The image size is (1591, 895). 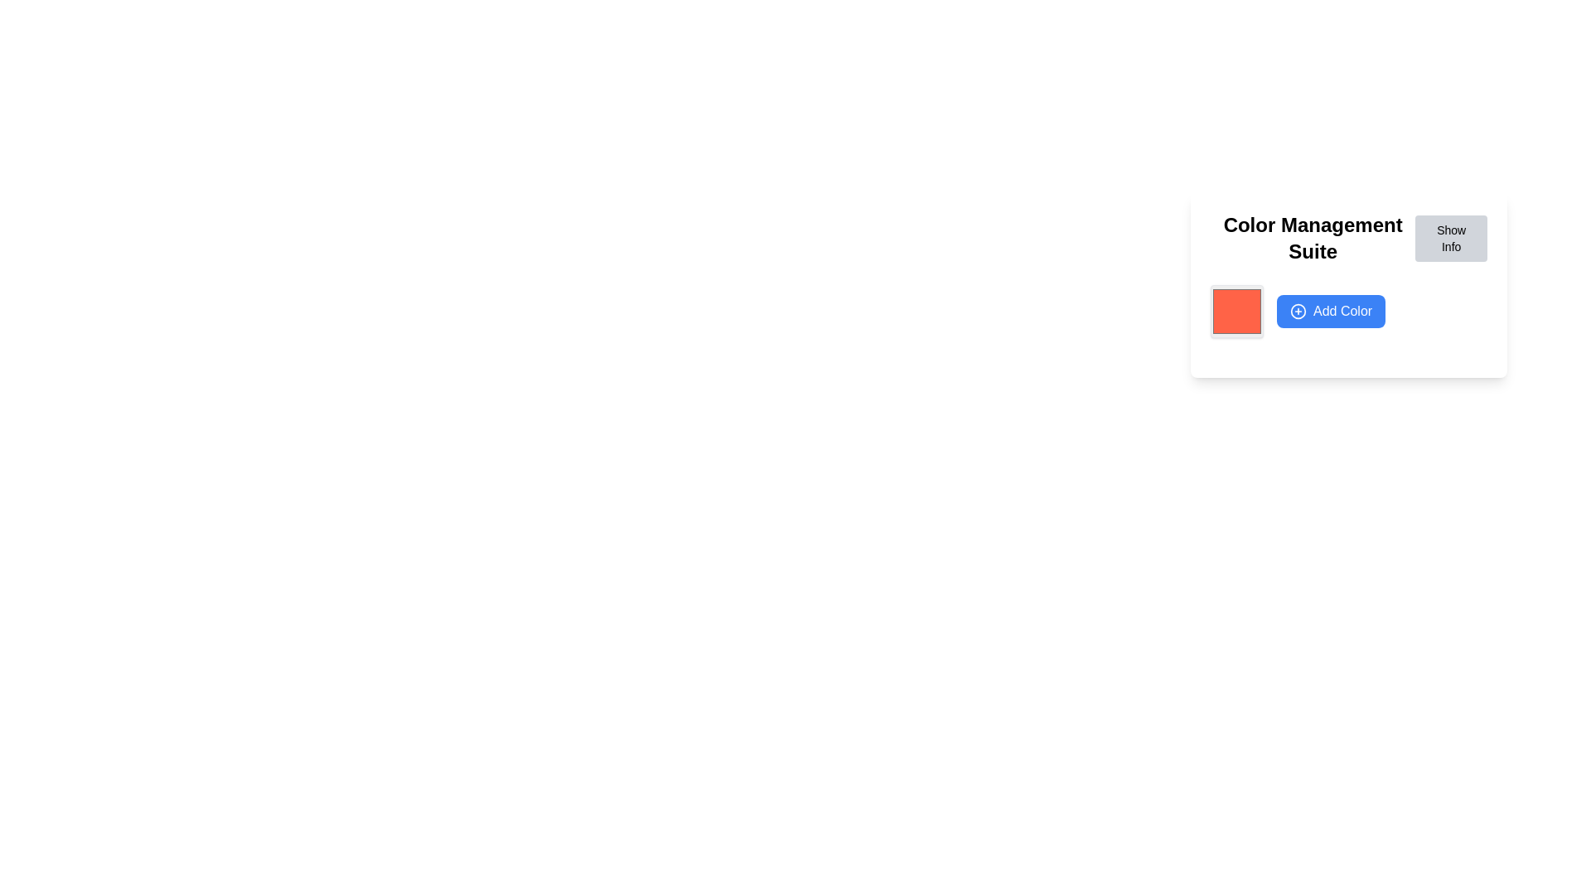 What do you see at coordinates (1450, 239) in the screenshot?
I see `the button located on the top-right side of the 'Color Management Suite' header bar` at bounding box center [1450, 239].